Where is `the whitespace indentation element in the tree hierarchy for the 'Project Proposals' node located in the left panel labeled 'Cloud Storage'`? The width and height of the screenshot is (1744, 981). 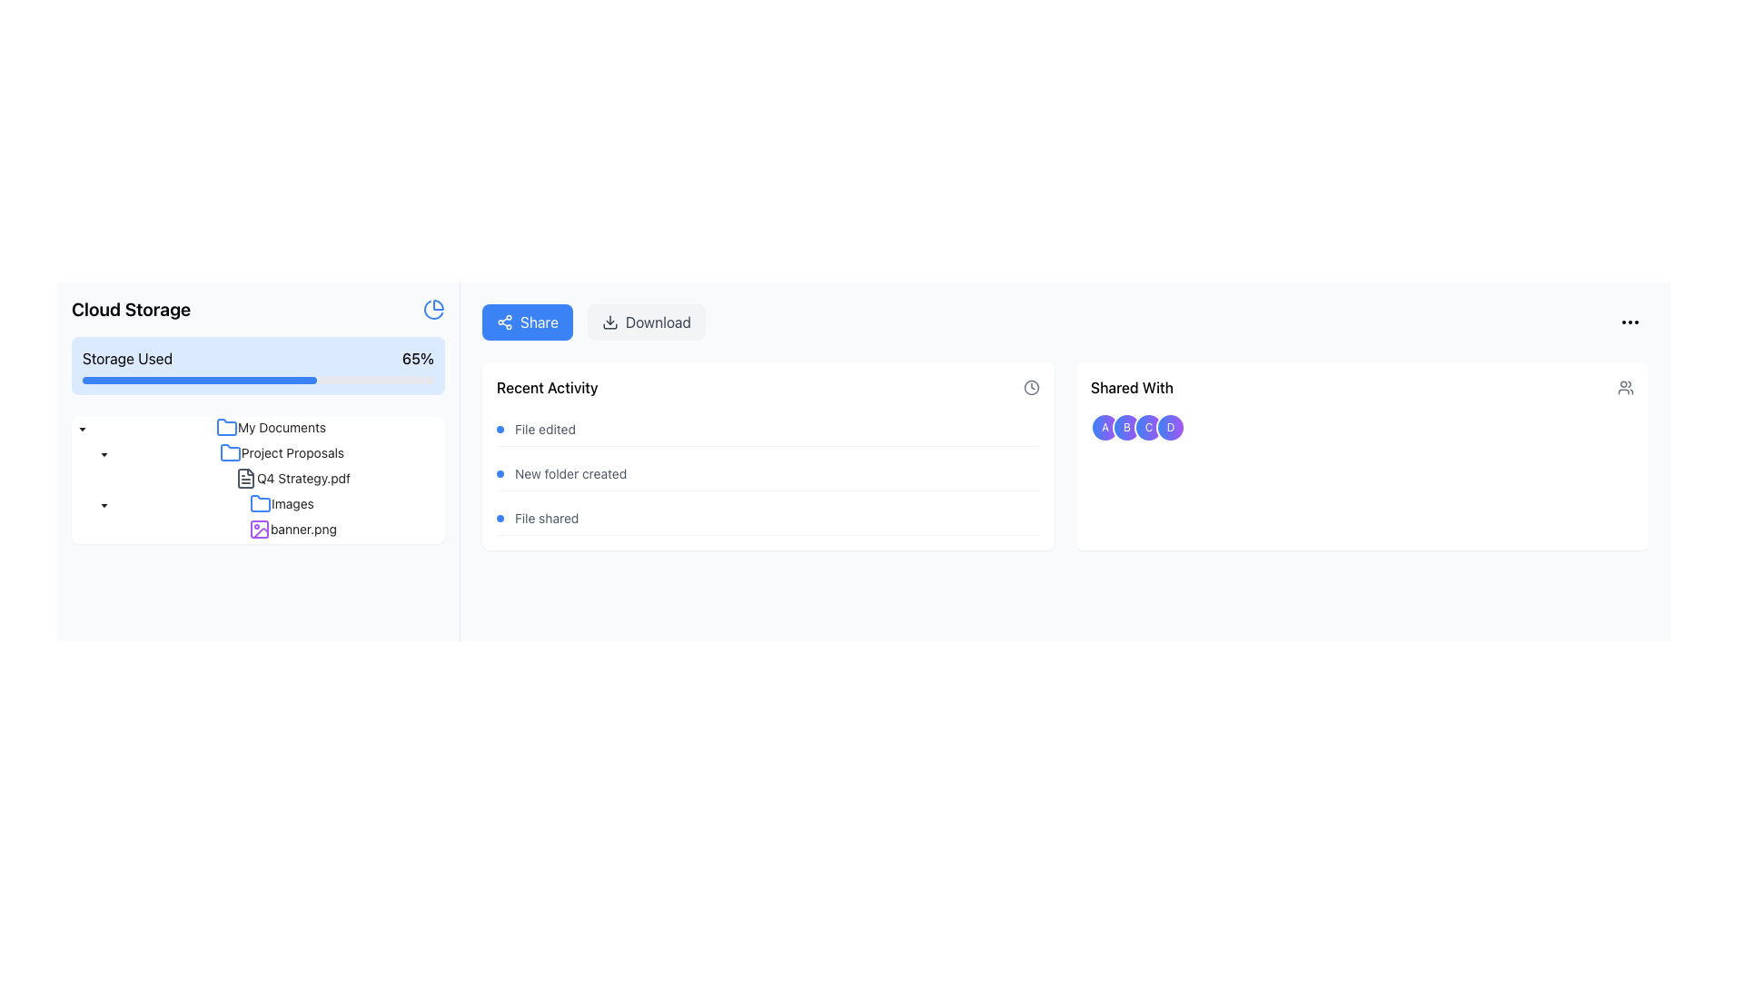 the whitespace indentation element in the tree hierarchy for the 'Project Proposals' node located in the left panel labeled 'Cloud Storage' is located at coordinates (82, 451).